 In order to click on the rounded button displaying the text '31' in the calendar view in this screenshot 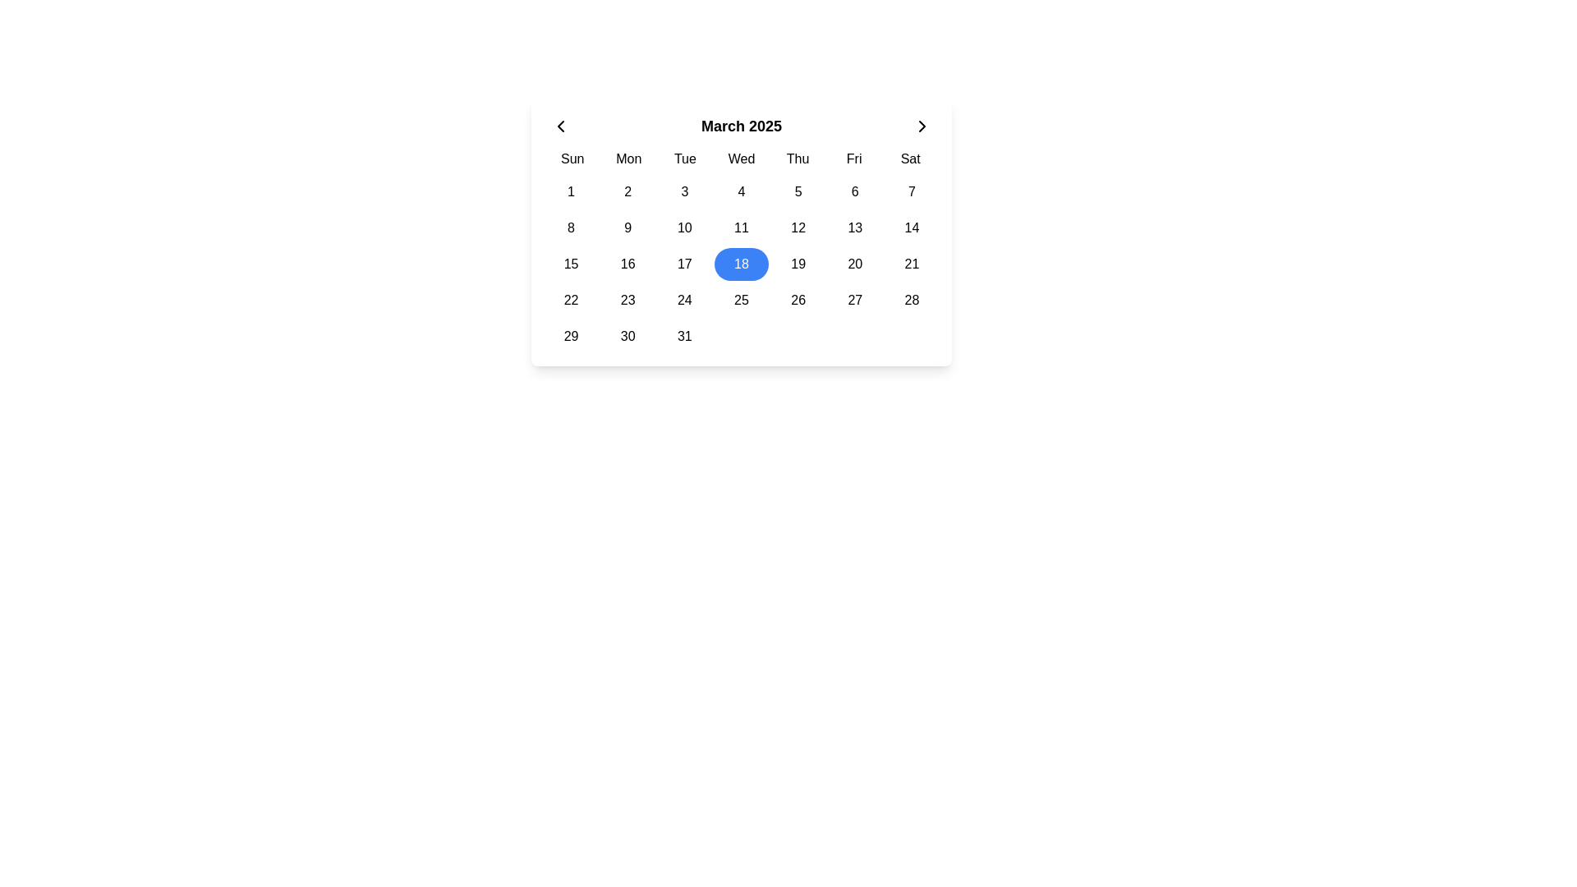, I will do `click(684, 335)`.